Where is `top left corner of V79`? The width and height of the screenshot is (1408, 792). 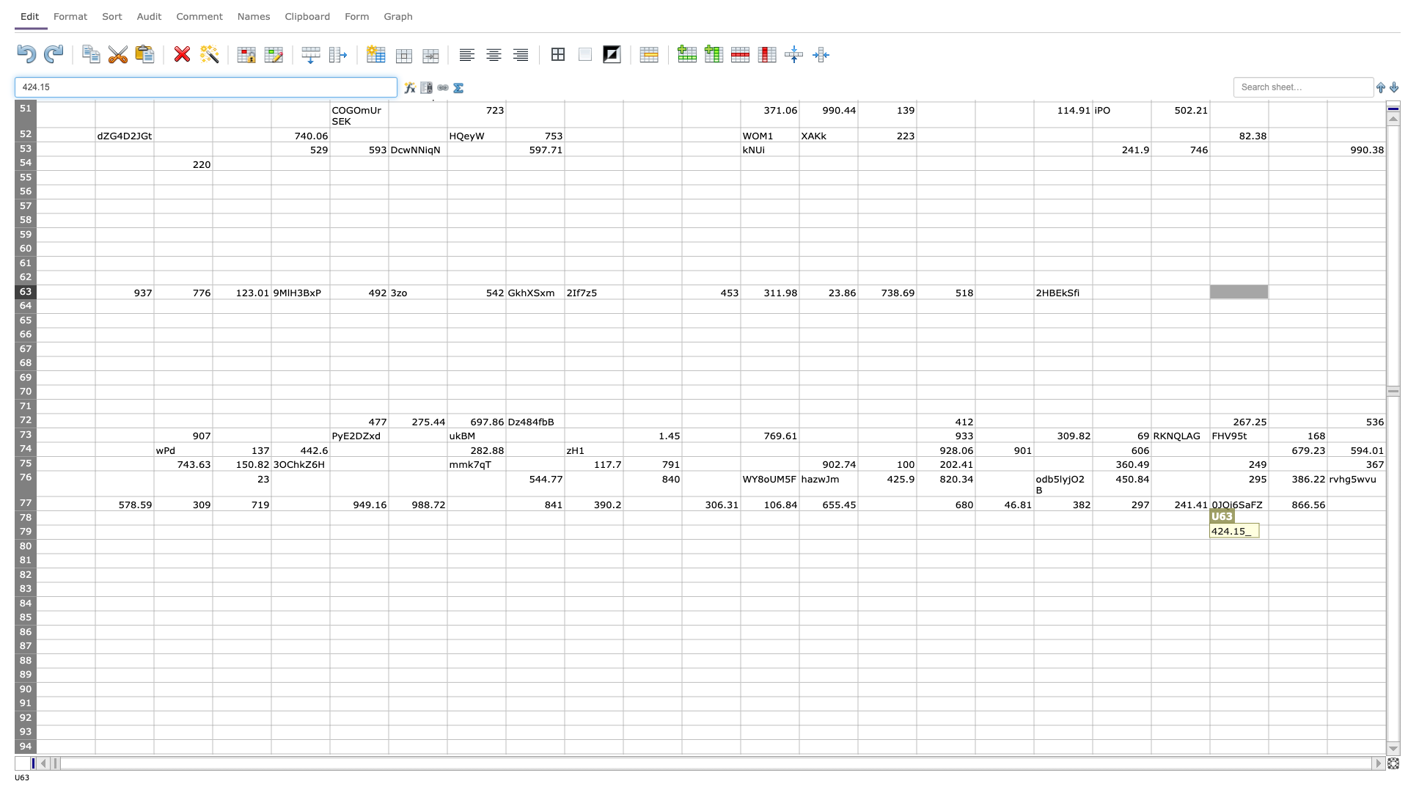
top left corner of V79 is located at coordinates (1267, 524).